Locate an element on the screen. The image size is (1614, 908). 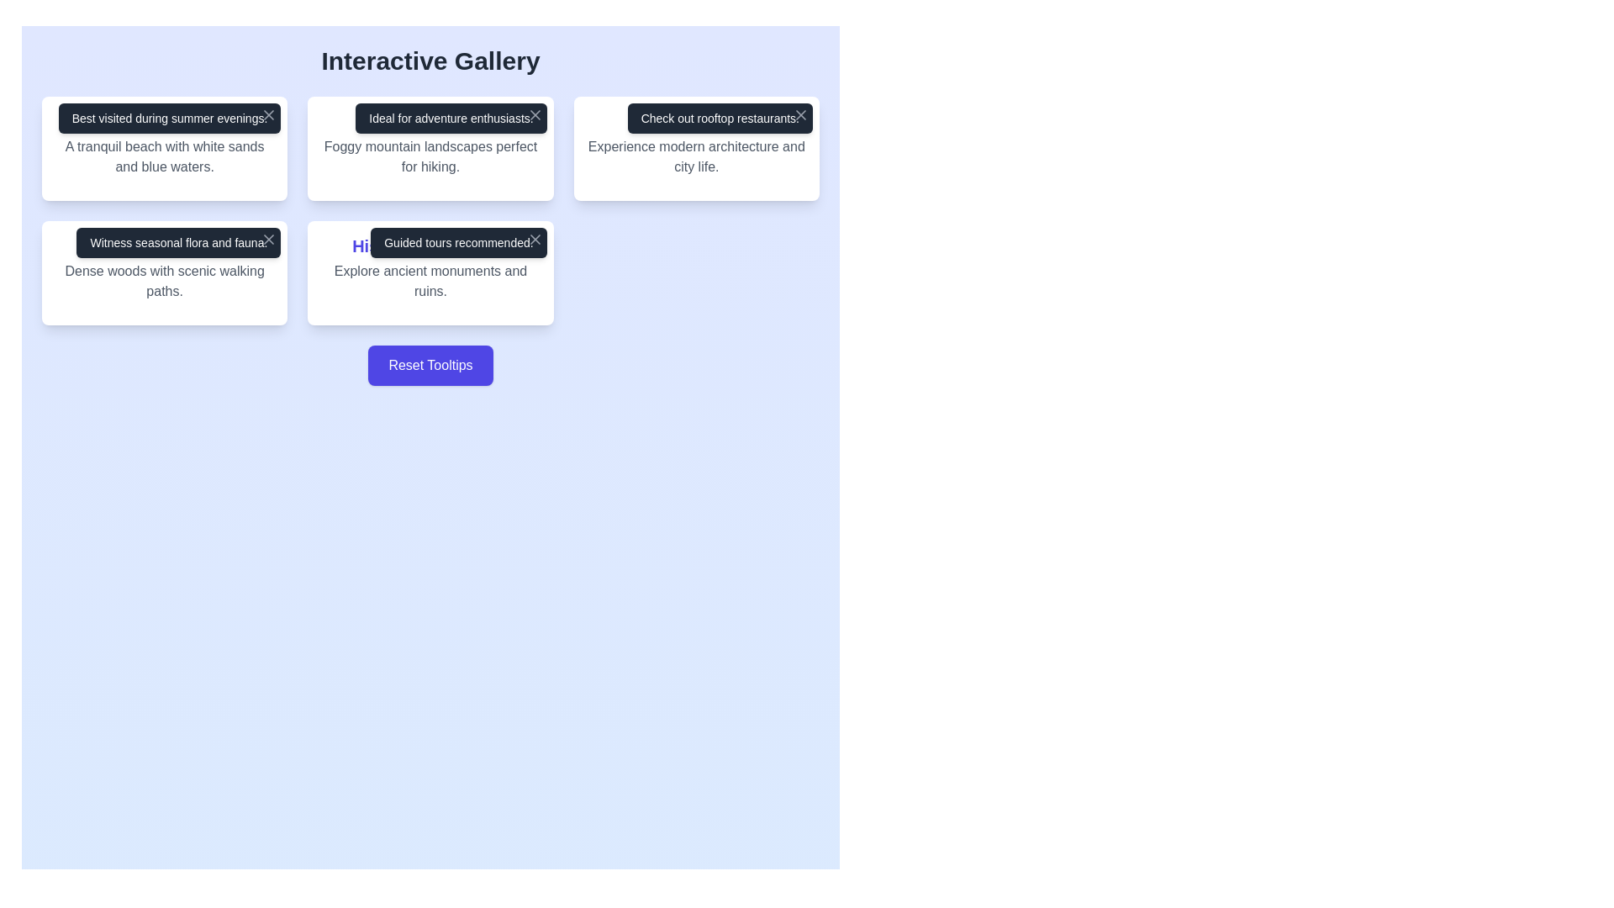
the text label 'Historic Landmarks', which is a bold, large indigo text block located at the top of a card in a gallery section is located at coordinates (430, 246).